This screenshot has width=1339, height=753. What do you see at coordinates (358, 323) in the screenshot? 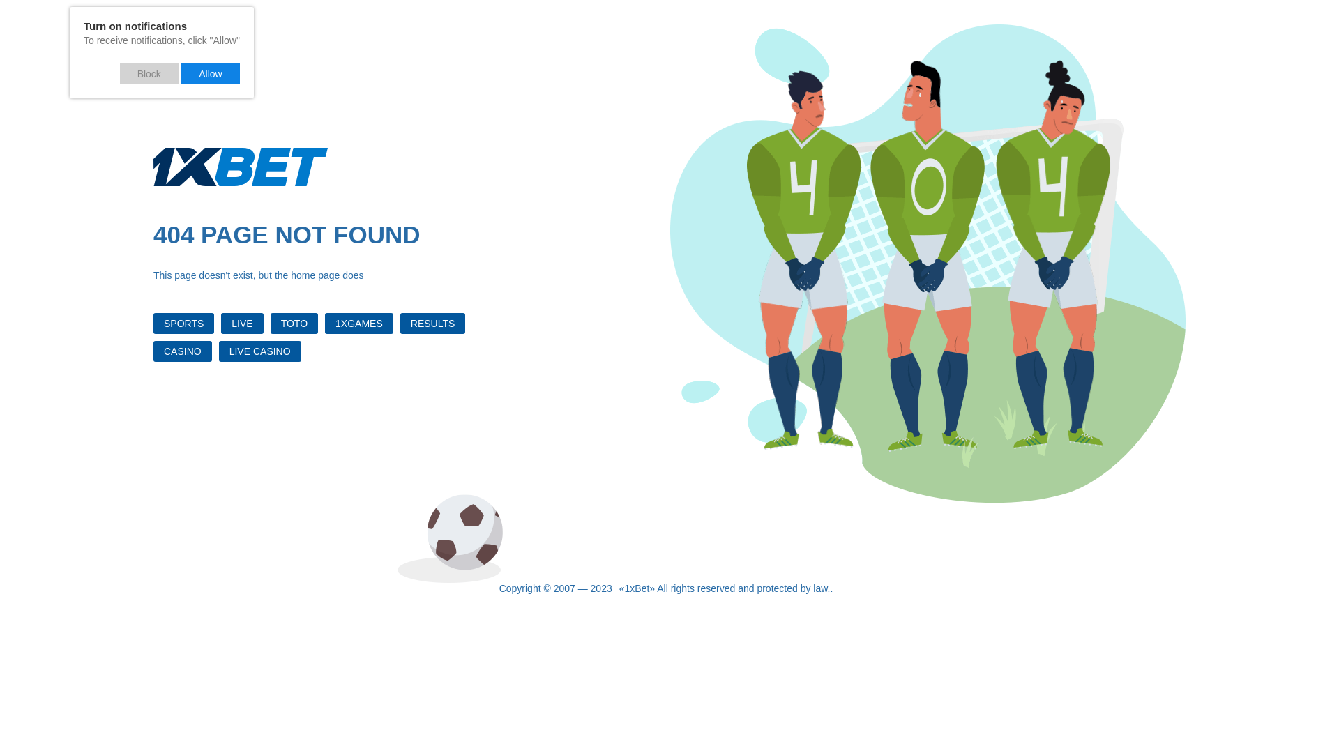
I see `'1XGAMES'` at bounding box center [358, 323].